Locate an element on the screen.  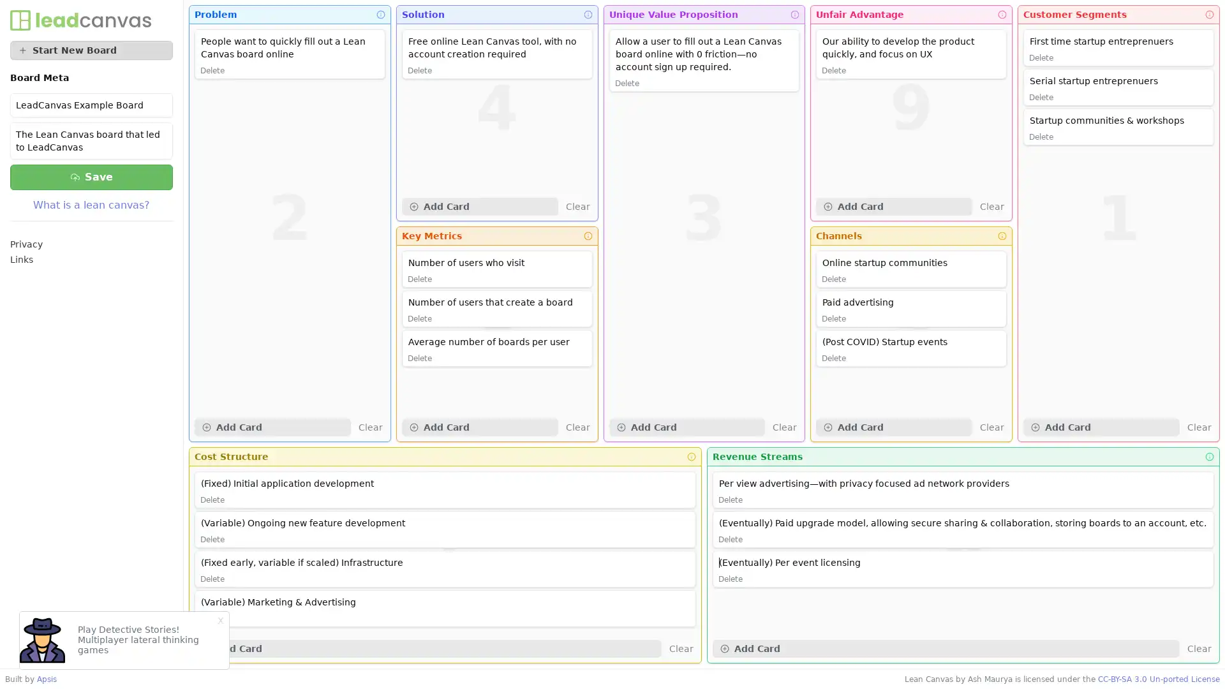
Delete is located at coordinates (212, 71).